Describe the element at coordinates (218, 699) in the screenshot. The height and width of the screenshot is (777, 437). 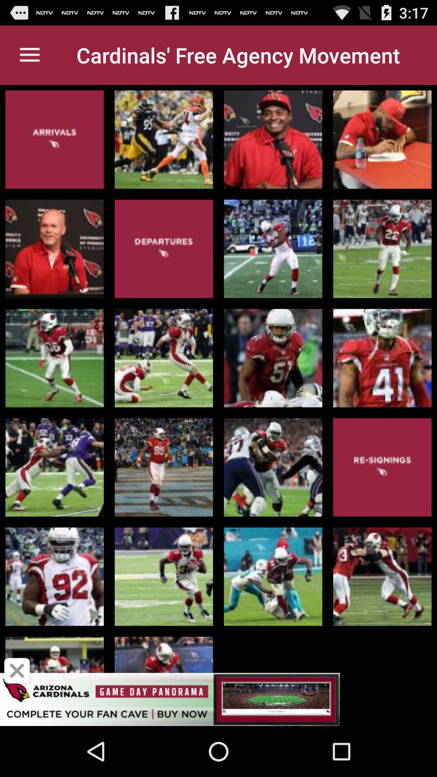
I see `open advertisement` at that location.